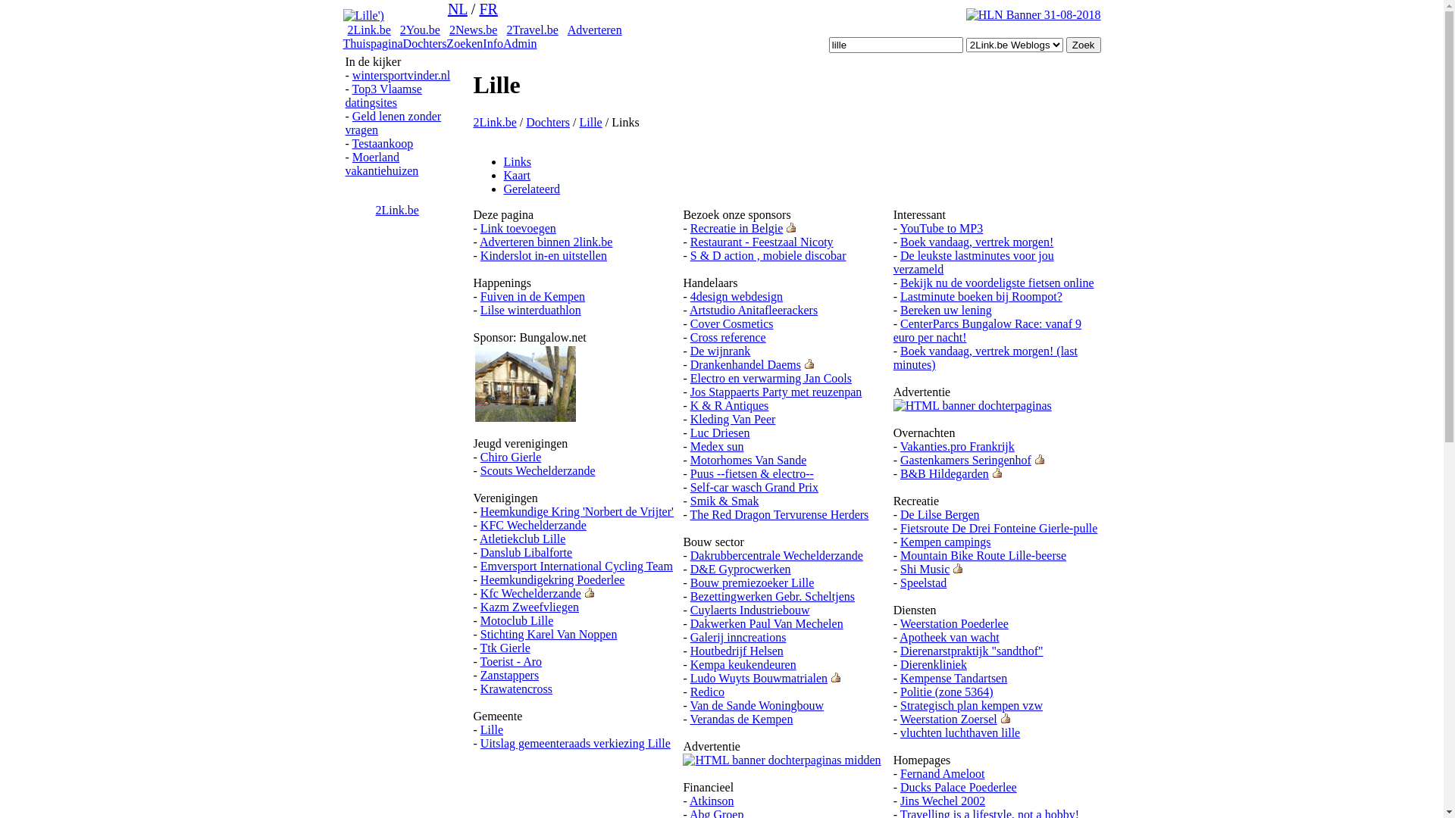 The width and height of the screenshot is (1455, 818). Describe the element at coordinates (479, 552) in the screenshot. I see `'Danslub Libalforte'` at that location.